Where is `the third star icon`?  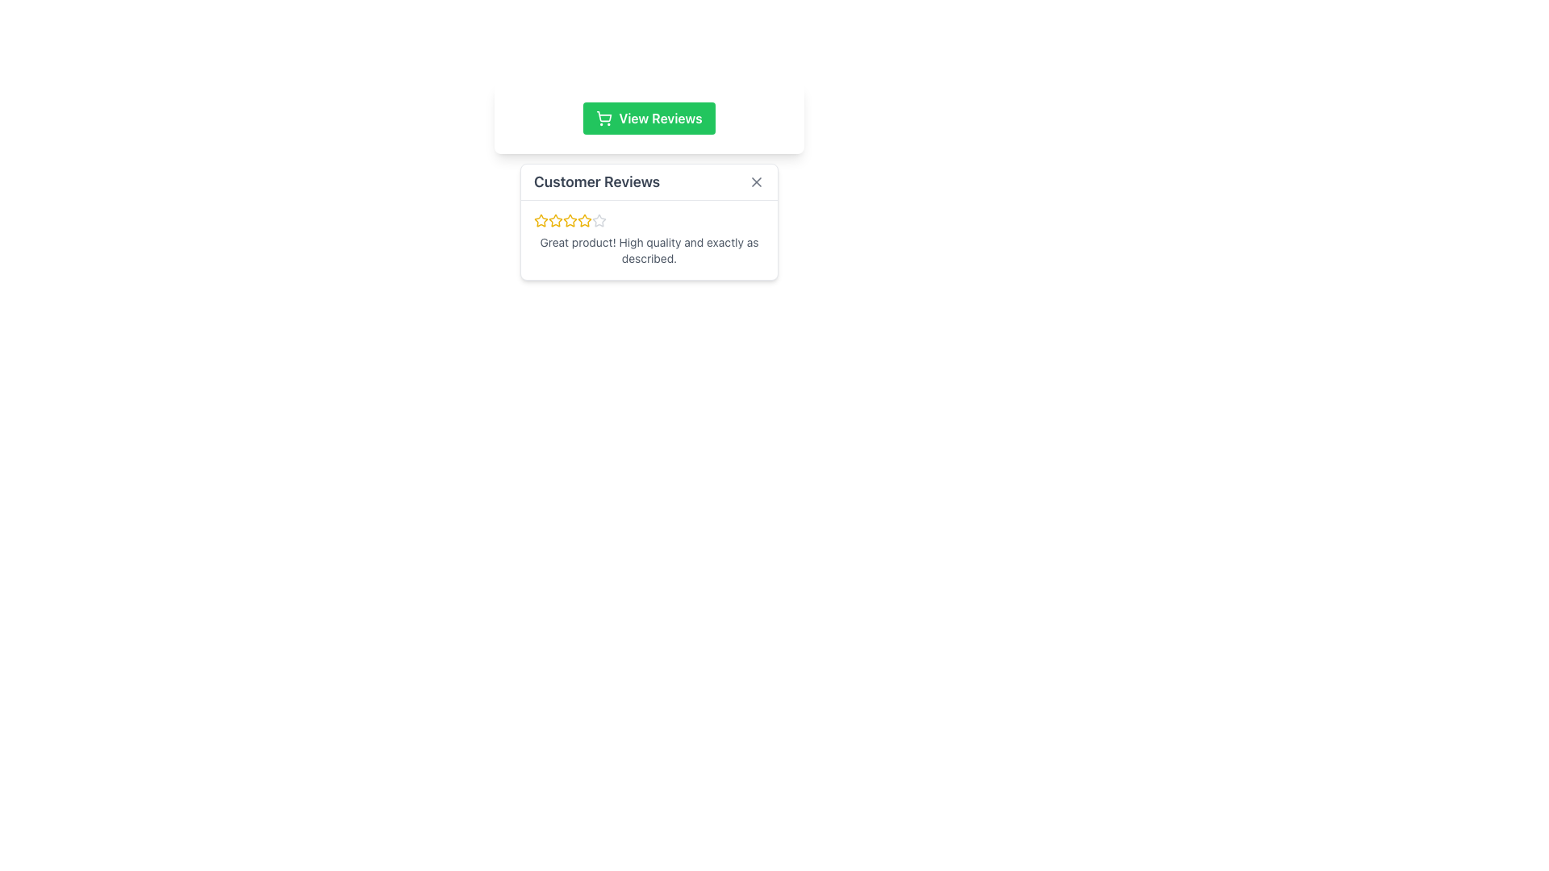 the third star icon is located at coordinates (570, 220).